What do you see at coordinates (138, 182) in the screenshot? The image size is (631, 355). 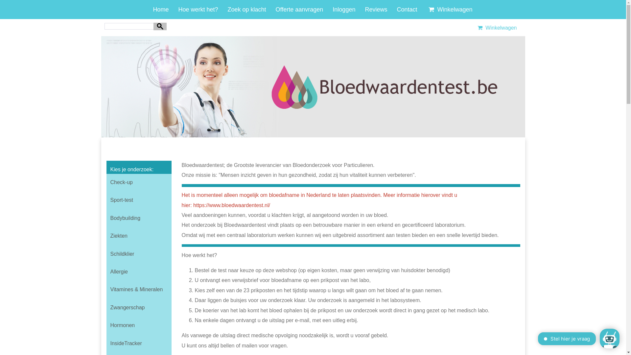 I see `'Check-up'` at bounding box center [138, 182].